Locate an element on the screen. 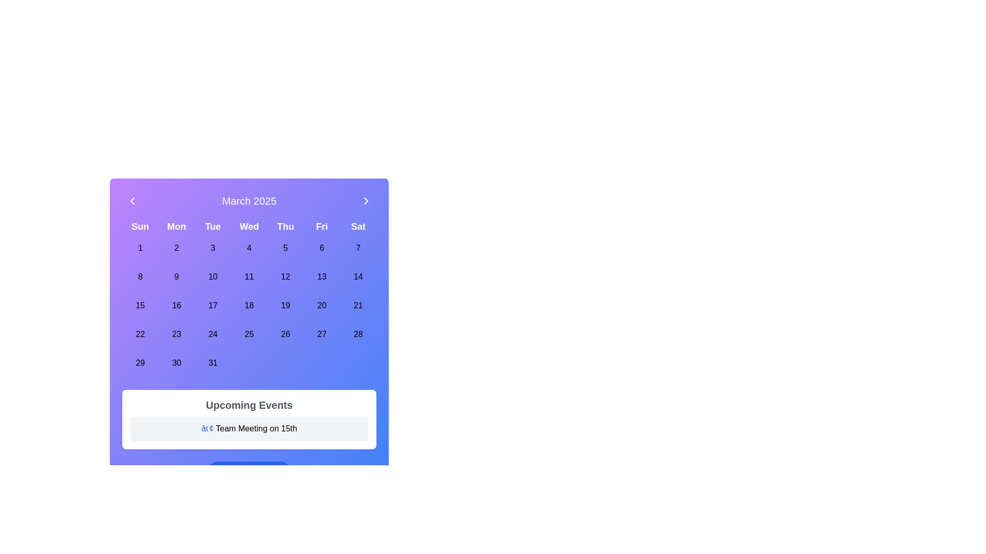 The image size is (986, 554). the selectable date button for March 18, 2025, located in the fourth column under 'Wed' in the calendar grid is located at coordinates (249, 305).